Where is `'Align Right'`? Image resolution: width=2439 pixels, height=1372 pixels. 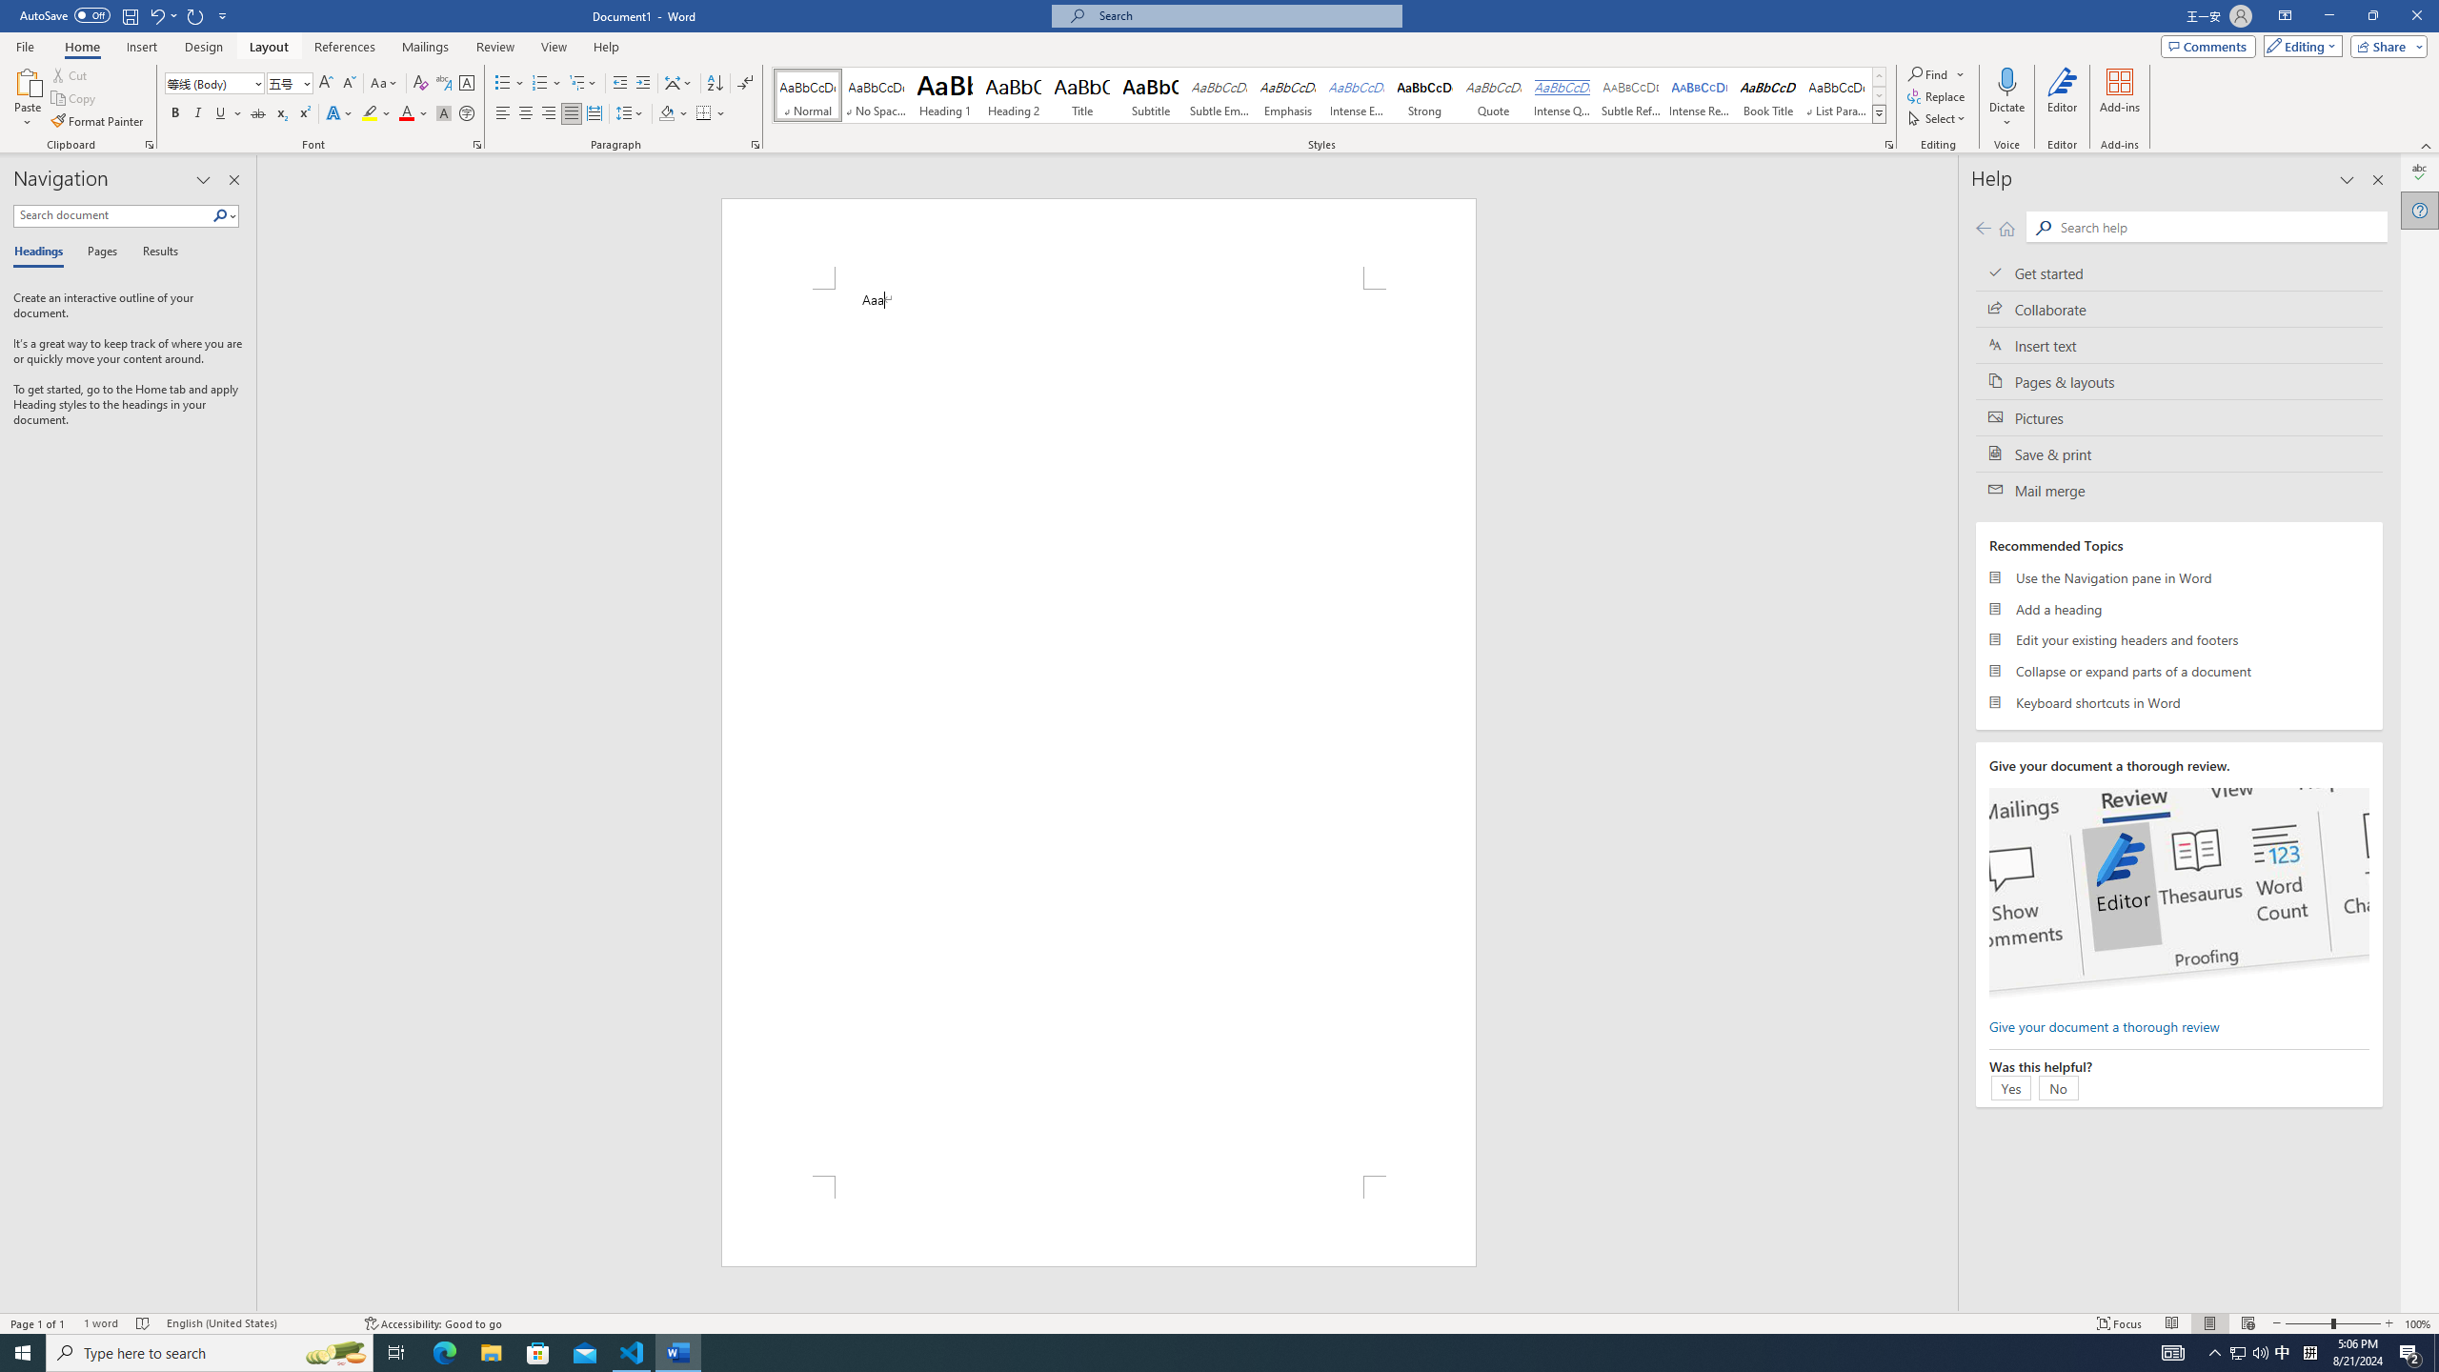
'Align Right' is located at coordinates (548, 112).